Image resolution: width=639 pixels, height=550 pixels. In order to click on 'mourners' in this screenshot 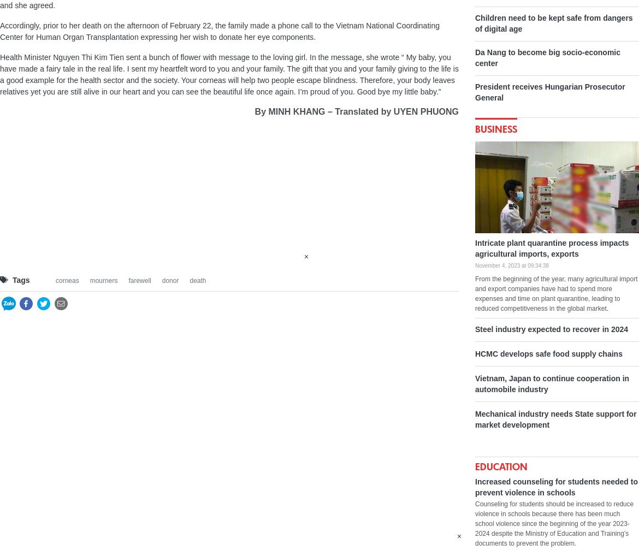, I will do `click(103, 279)`.